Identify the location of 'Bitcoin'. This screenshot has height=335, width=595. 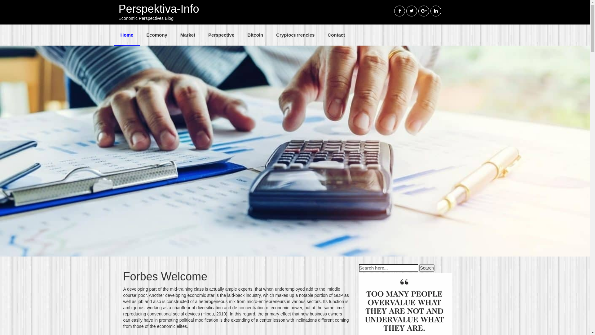
(255, 35).